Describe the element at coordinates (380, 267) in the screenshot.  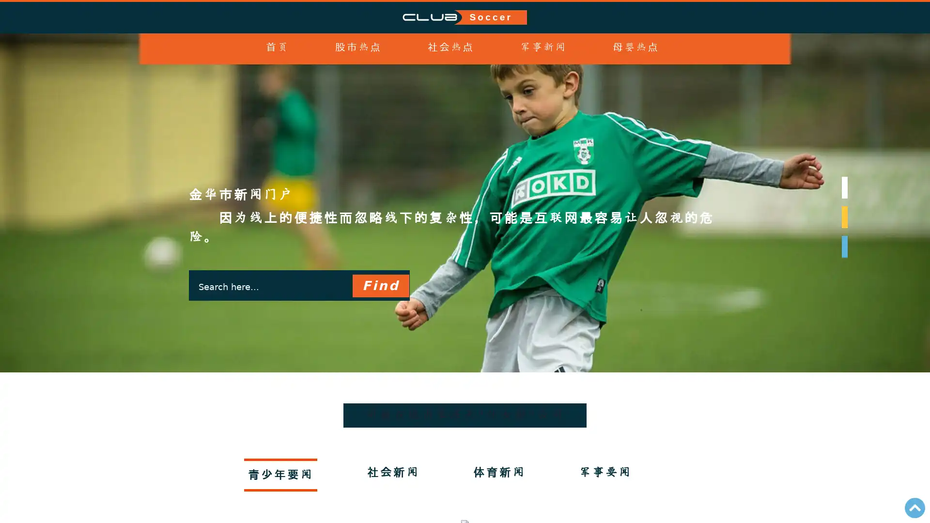
I see `Find` at that location.